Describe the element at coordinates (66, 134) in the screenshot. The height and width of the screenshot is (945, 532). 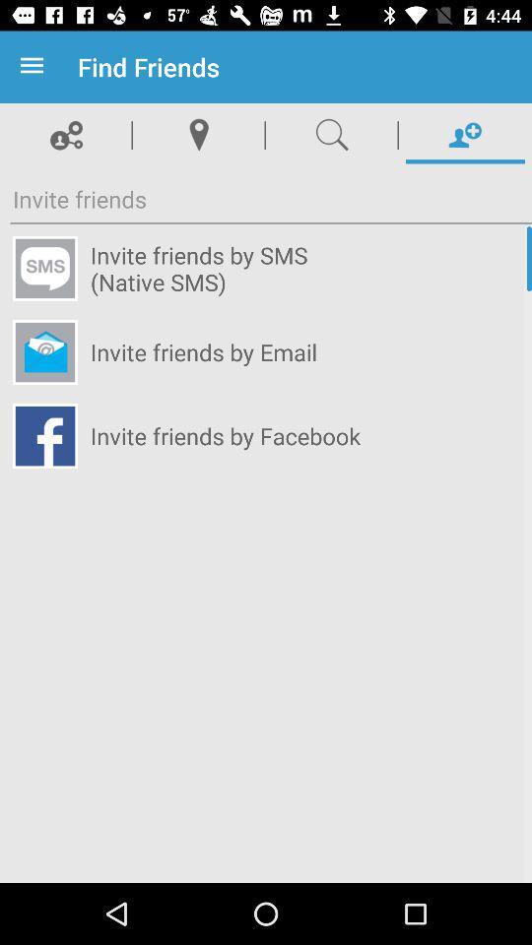
I see `above invite friends` at that location.